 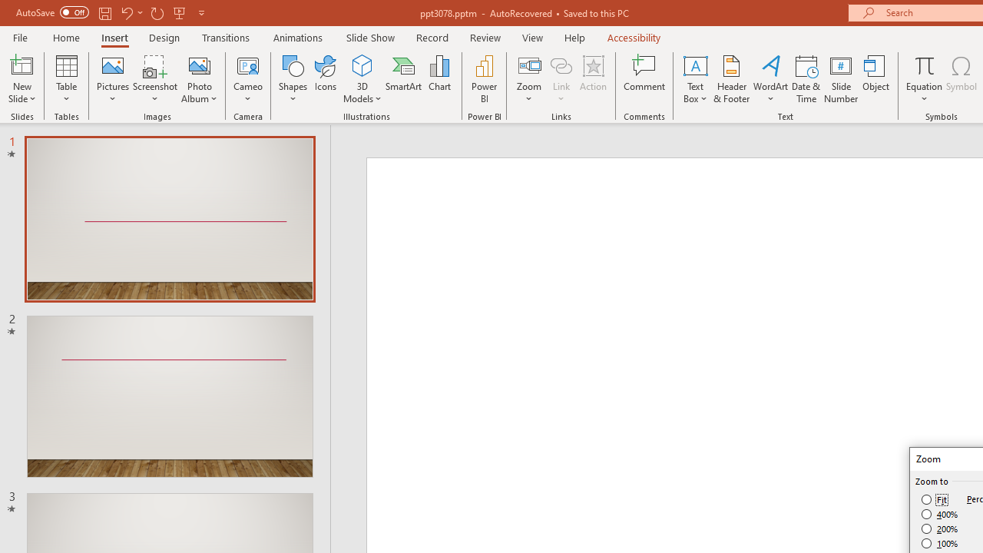 I want to click on 'Table', so click(x=66, y=79).